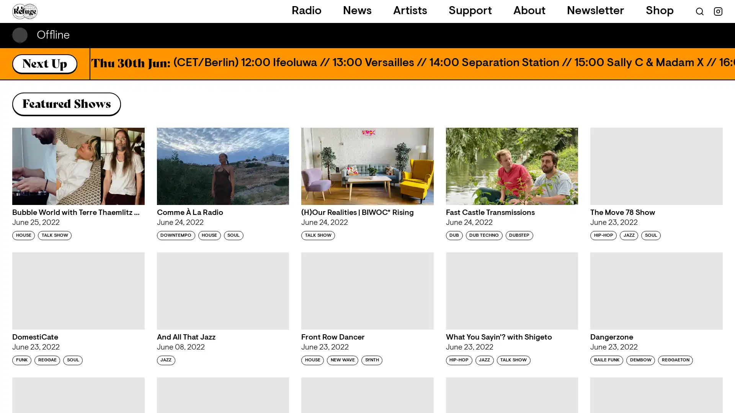  Describe the element at coordinates (78, 291) in the screenshot. I see `DomestiCate` at that location.